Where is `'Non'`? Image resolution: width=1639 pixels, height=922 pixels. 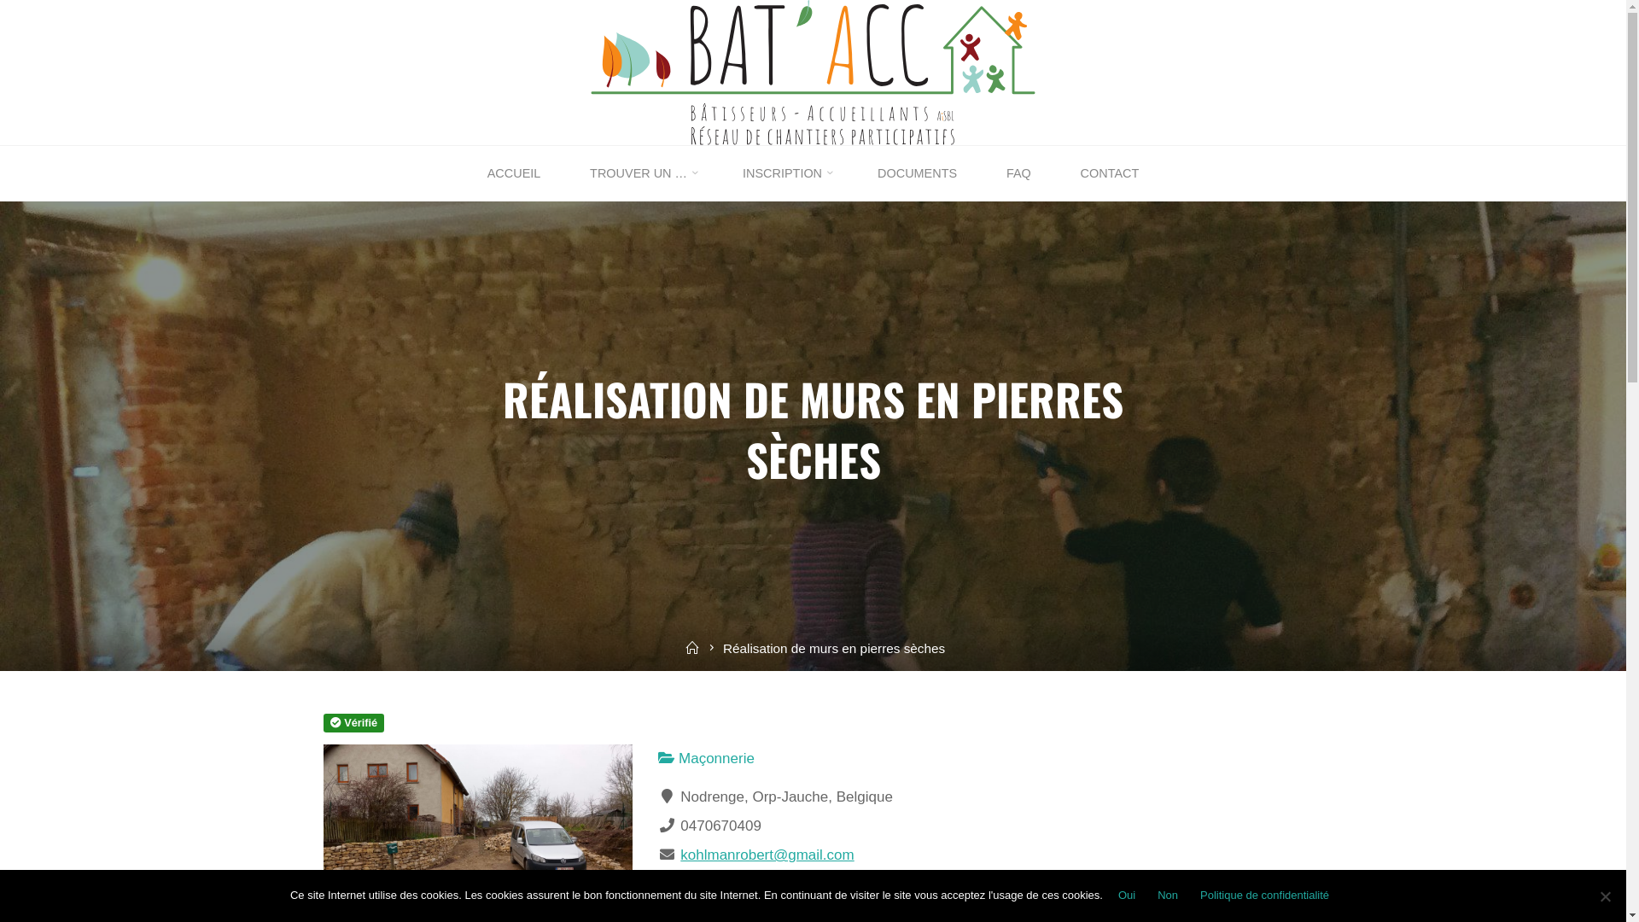
'Non' is located at coordinates (1151, 895).